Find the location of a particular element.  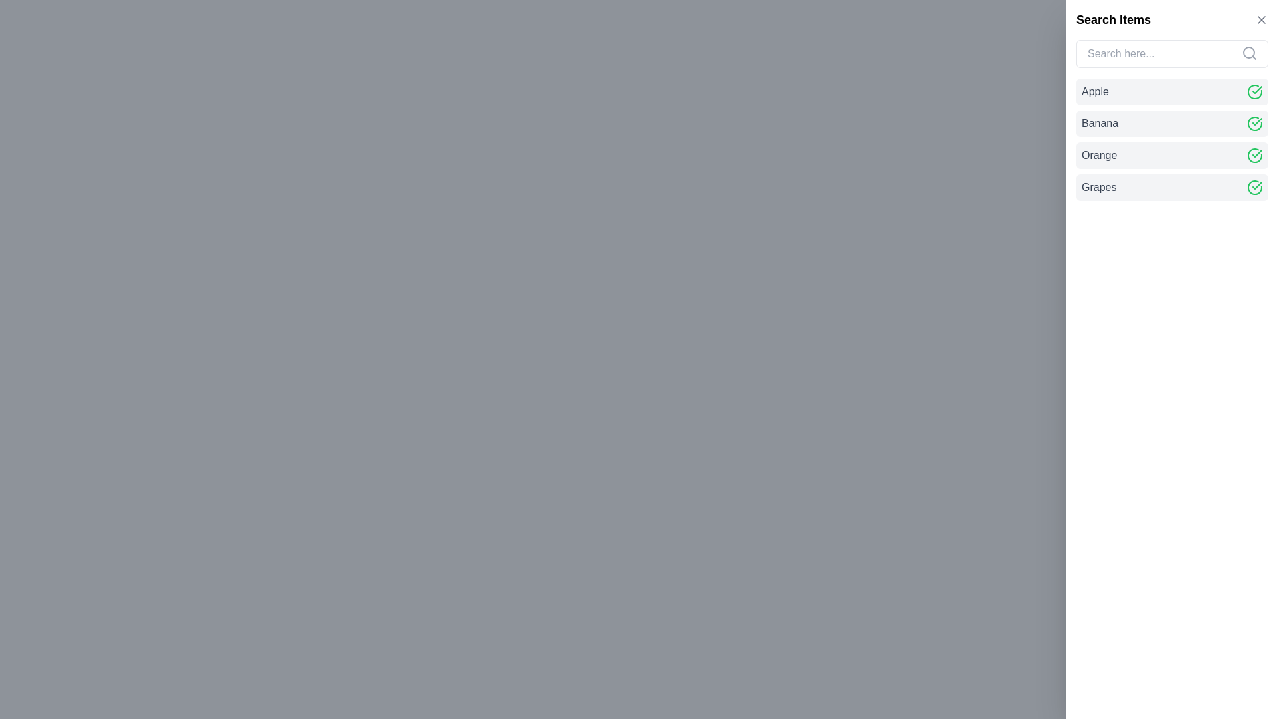

the static text element displaying 'Orange', which is the second item in a vertically arranged list within a panel is located at coordinates (1099, 155).